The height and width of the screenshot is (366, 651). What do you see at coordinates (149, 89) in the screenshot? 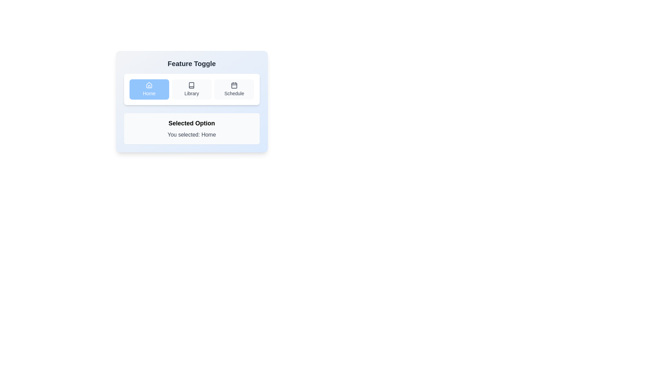
I see `the 'Home' button with a light blue background and white text` at bounding box center [149, 89].